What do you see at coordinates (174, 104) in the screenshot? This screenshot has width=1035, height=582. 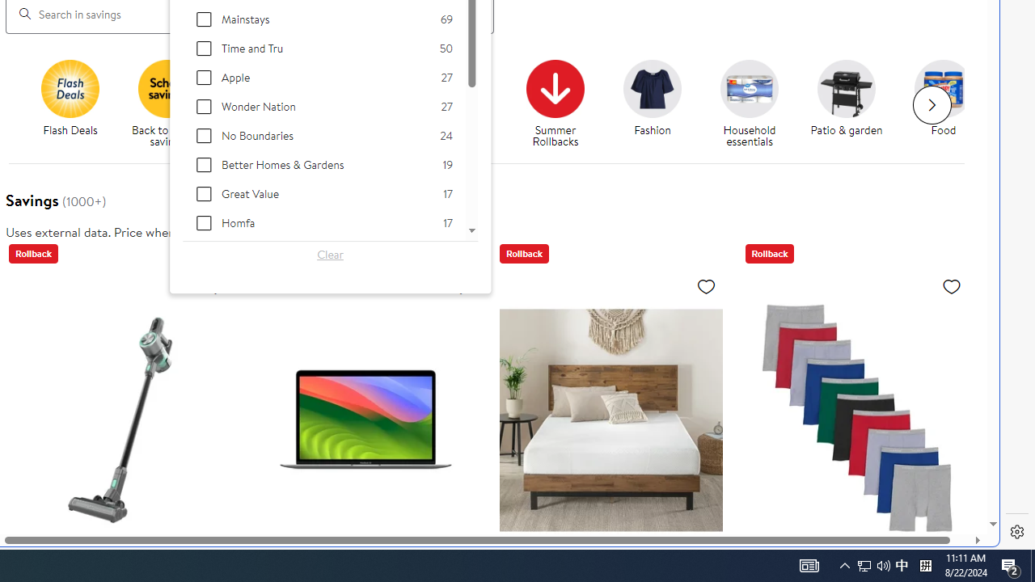 I see `'Back to school savings'` at bounding box center [174, 104].